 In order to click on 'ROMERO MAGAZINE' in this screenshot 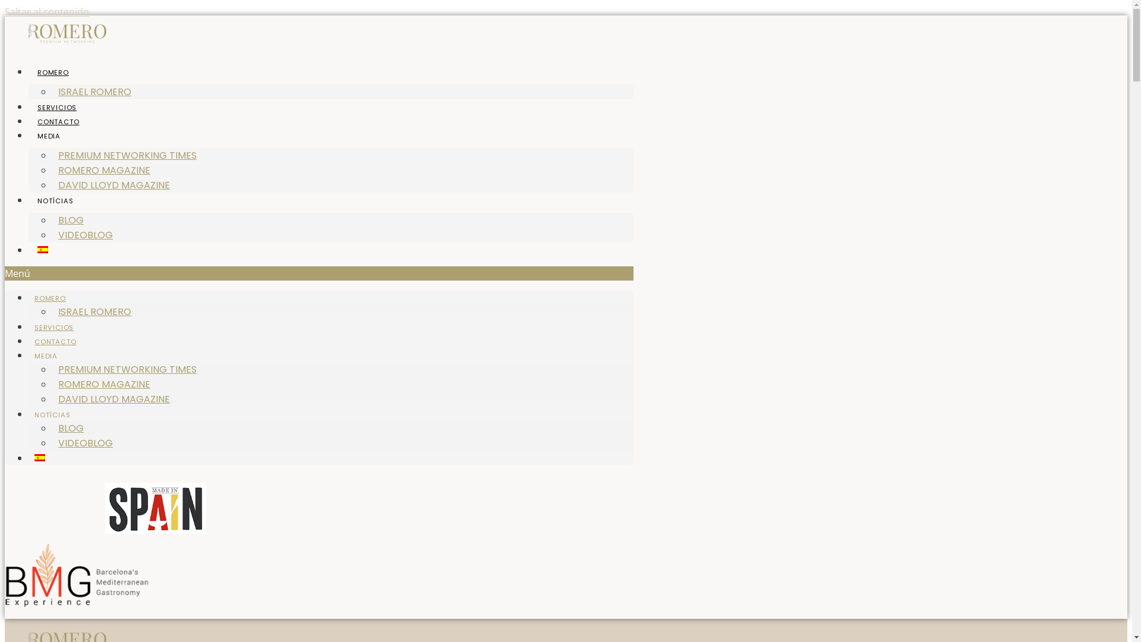, I will do `click(104, 384)`.